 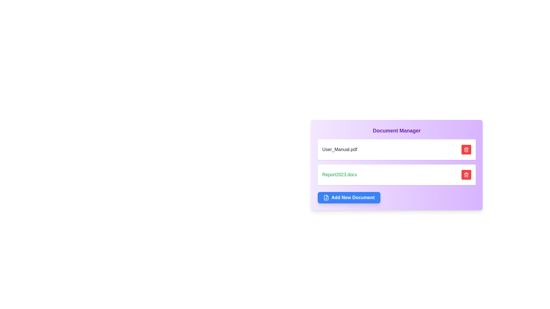 What do you see at coordinates (339, 174) in the screenshot?
I see `the text label displaying 'Report2023.docx' which is styled in green and is located below 'User_Manual.pdf' and to the left of the 'Deselect' button` at bounding box center [339, 174].